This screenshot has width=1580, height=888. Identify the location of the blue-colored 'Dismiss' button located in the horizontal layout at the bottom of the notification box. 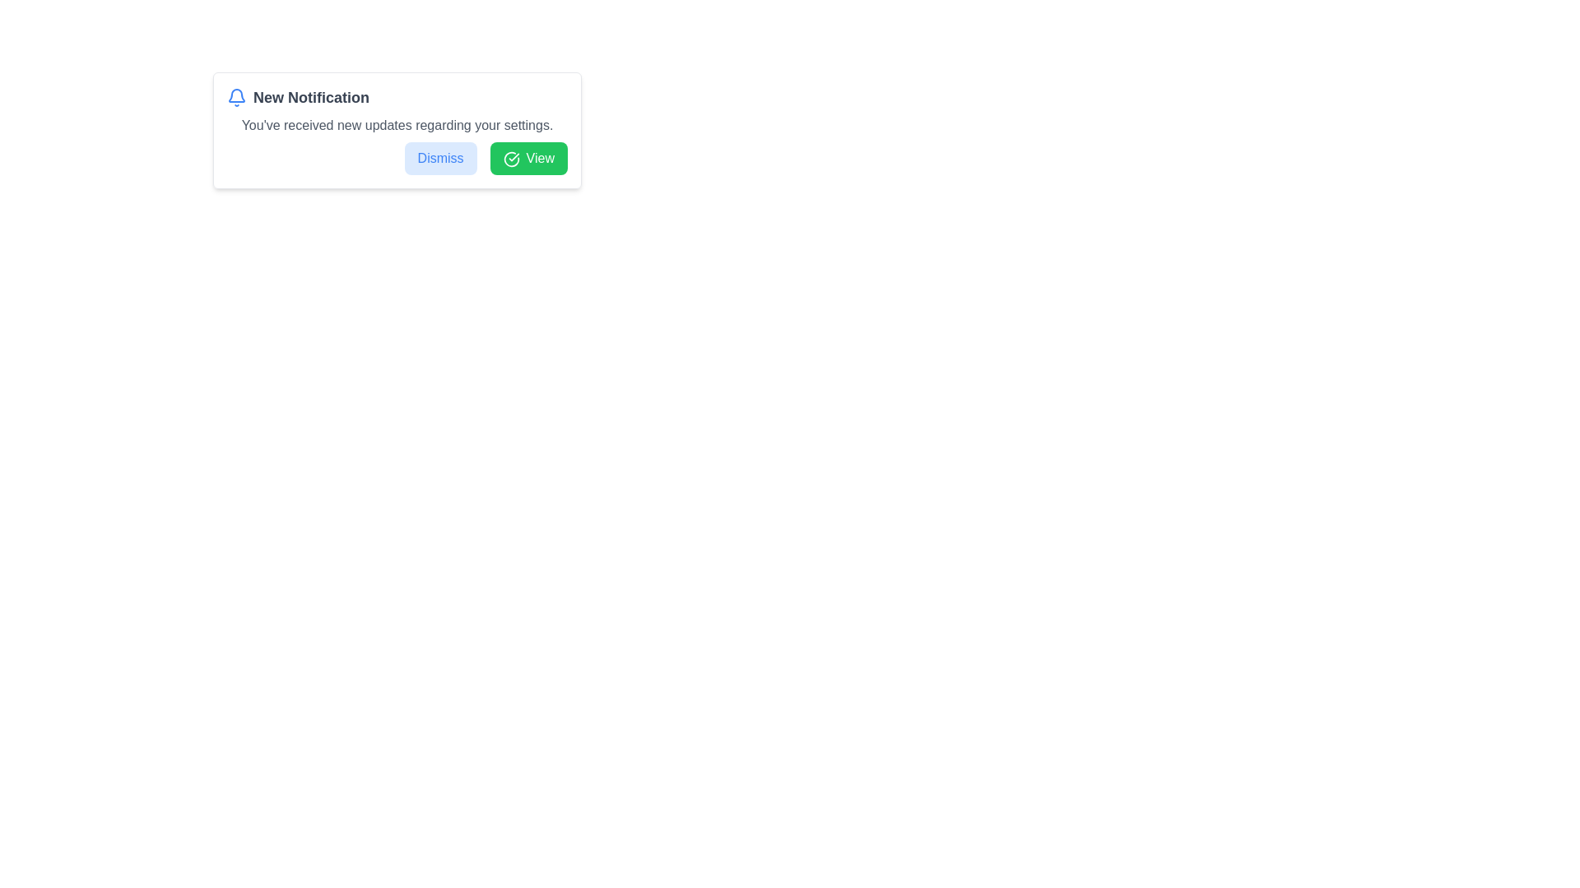
(397, 158).